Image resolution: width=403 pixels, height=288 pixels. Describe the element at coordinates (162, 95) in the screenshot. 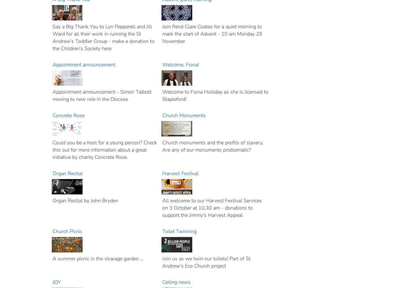

I see `'Welcome to Fiona Holliday as she is licensed to Stapleford!'` at that location.